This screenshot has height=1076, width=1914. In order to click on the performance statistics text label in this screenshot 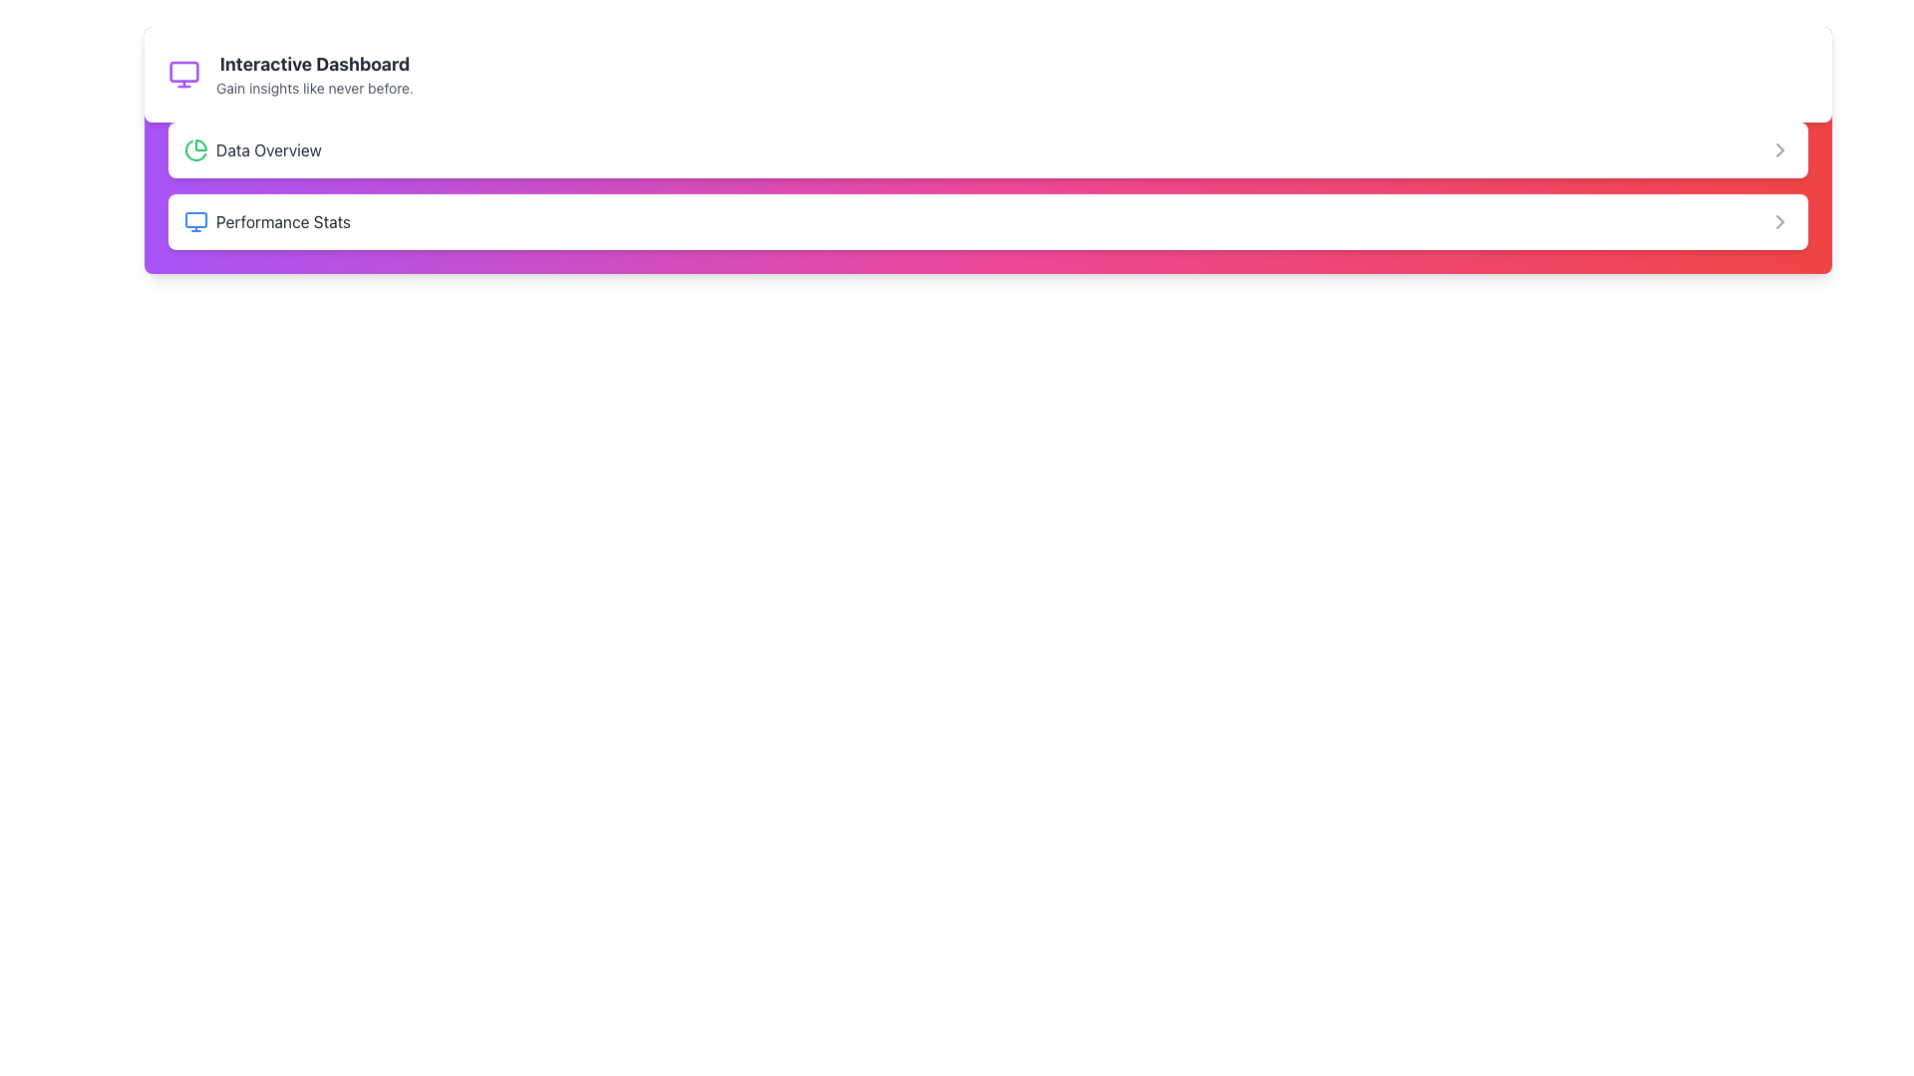, I will do `click(282, 222)`.